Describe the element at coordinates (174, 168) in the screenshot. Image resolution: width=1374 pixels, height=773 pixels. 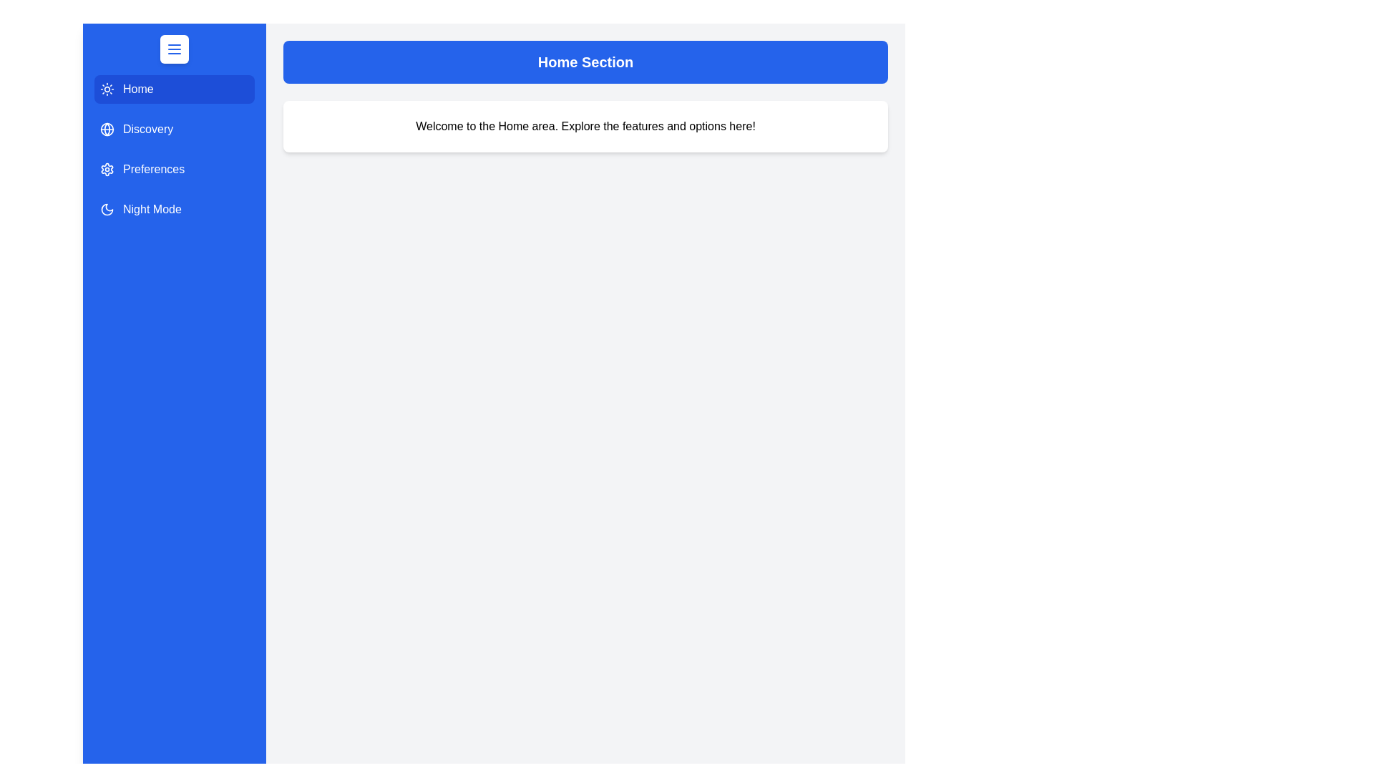
I see `the navigation section Preferences` at that location.